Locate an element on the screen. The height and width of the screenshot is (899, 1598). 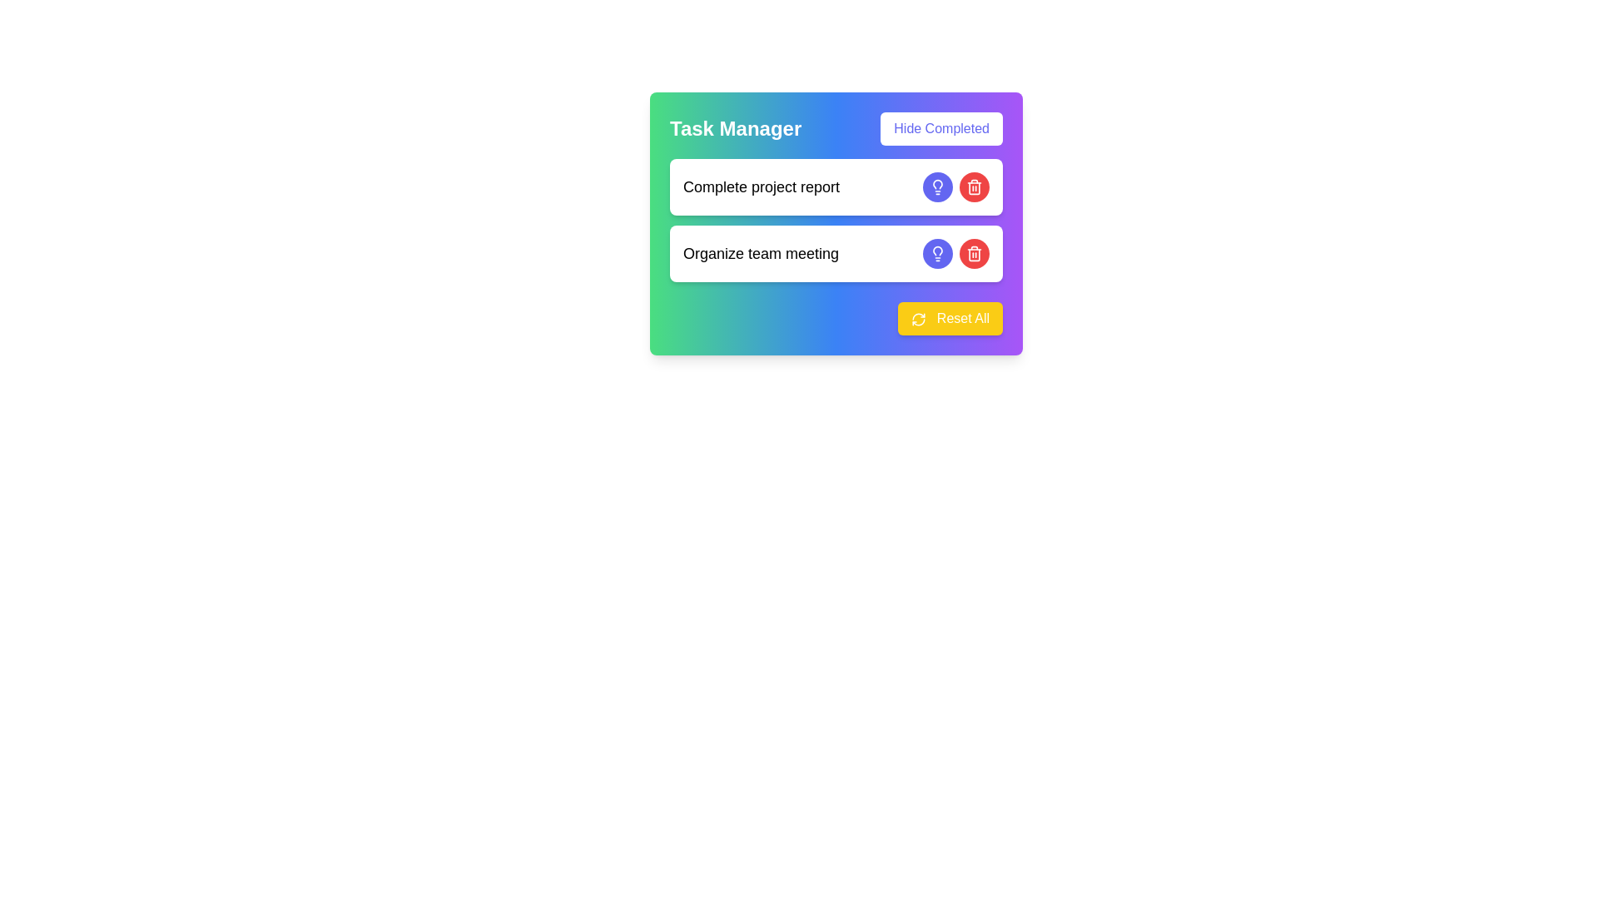
the Icon embedded in the button located in the second task's action buttons next to the 'Organize team meeting' text is located at coordinates (938, 186).